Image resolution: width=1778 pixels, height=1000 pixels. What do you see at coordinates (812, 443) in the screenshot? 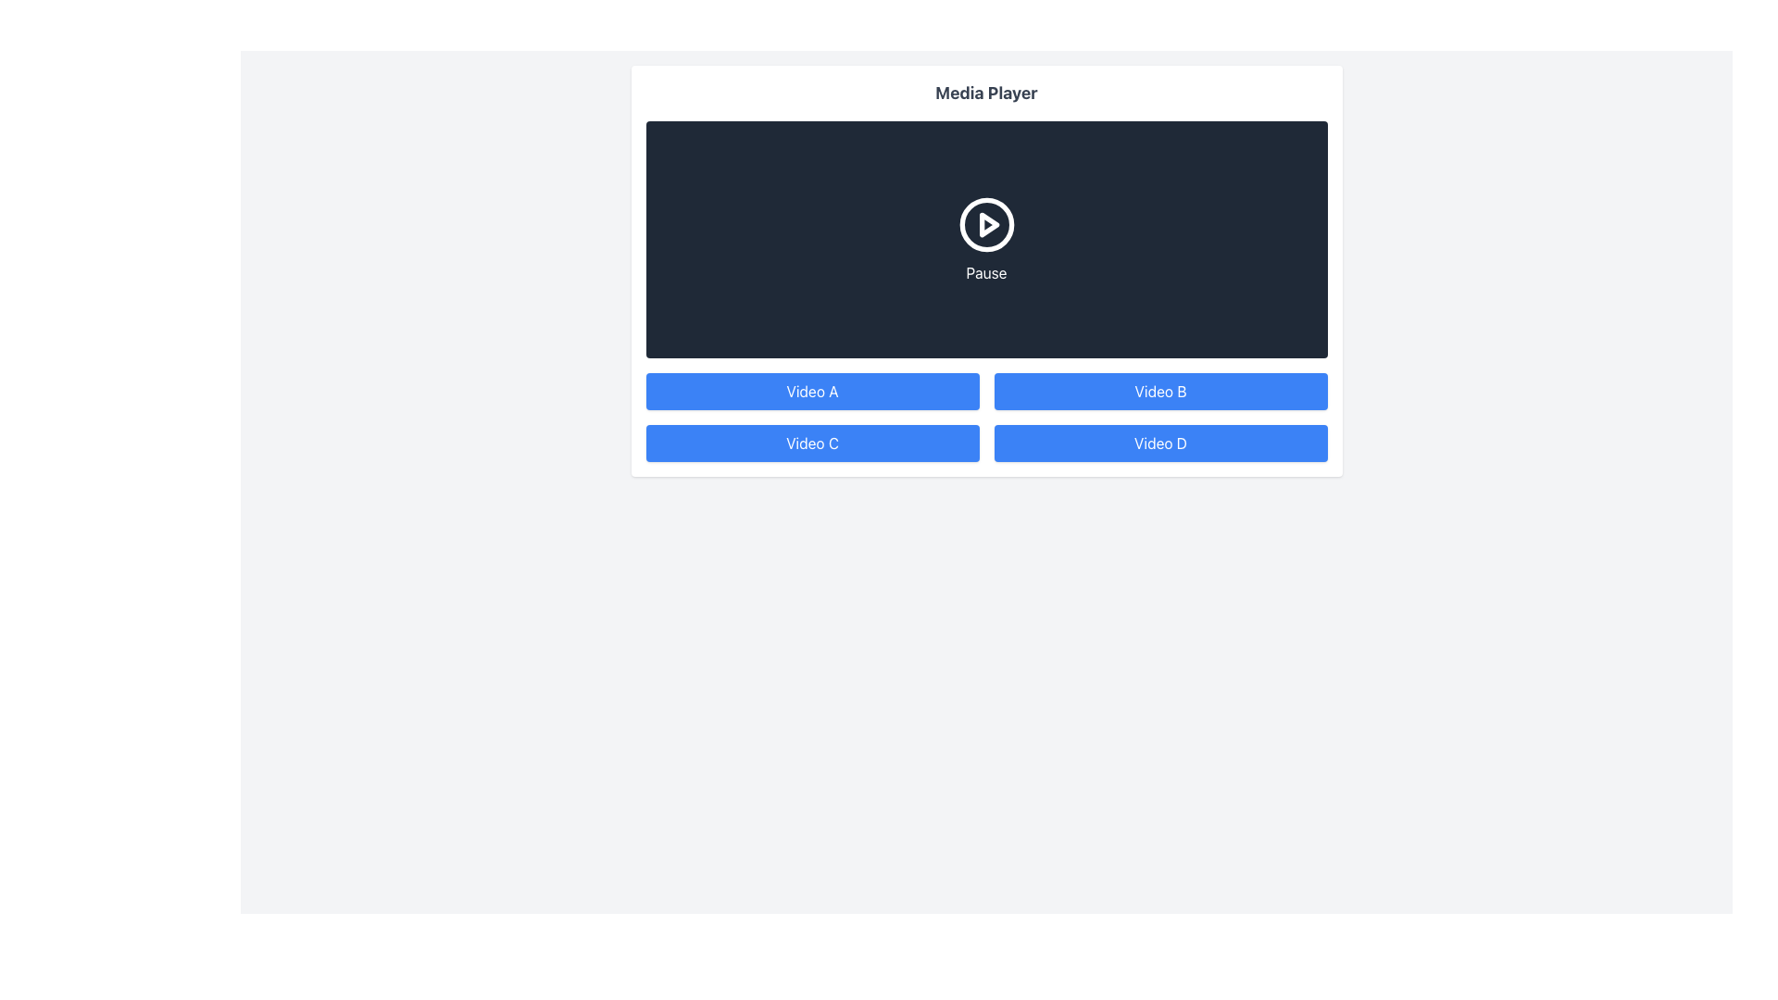
I see `the blue rectangular button labeled 'Video C'` at bounding box center [812, 443].